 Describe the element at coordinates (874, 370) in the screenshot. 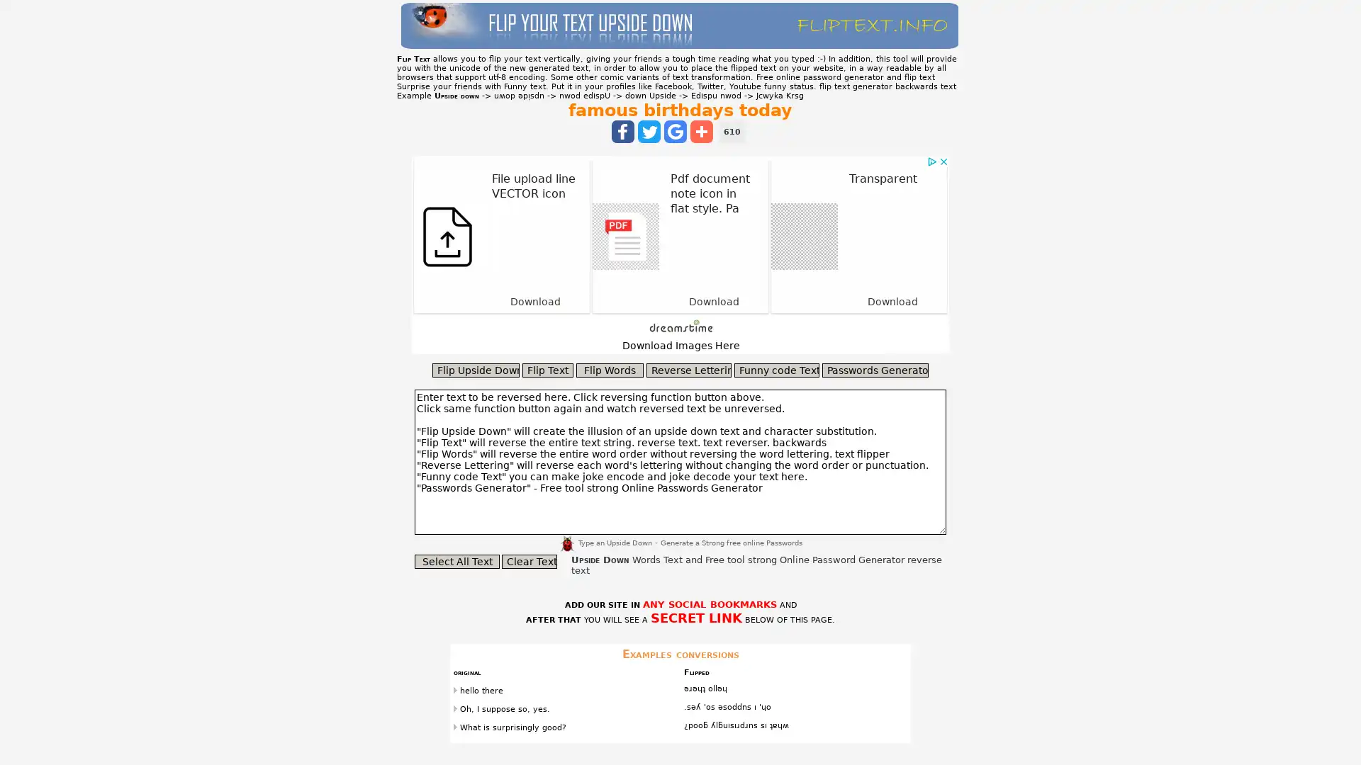

I see `Passwords Generator` at that location.